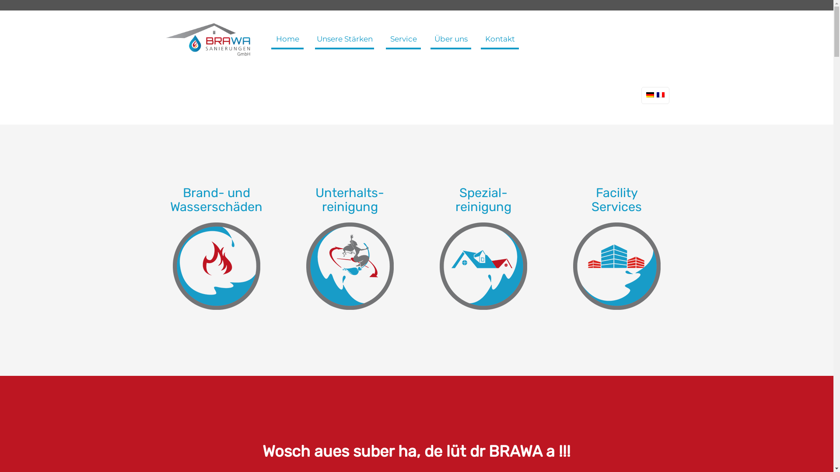 This screenshot has width=840, height=472. I want to click on 'Home', so click(287, 38).